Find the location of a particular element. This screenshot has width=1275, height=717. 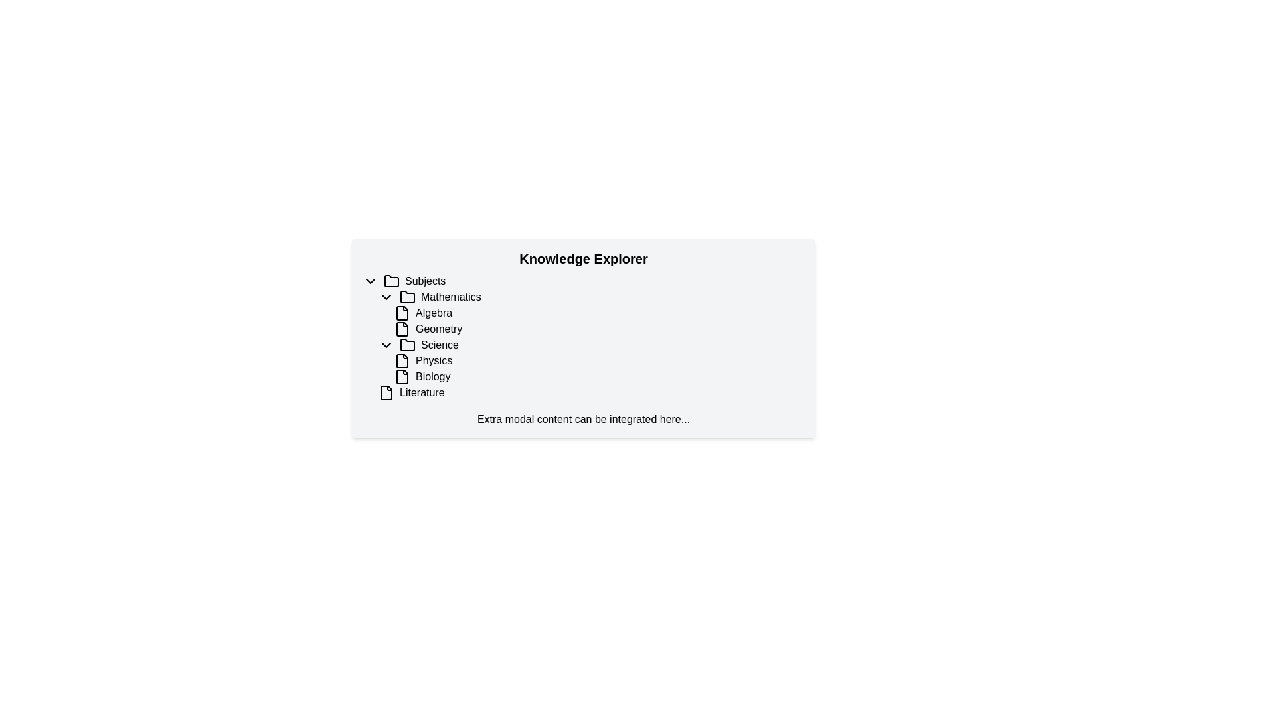

the 'Physics' file icon located under the 'Science' category is located at coordinates (401, 360).